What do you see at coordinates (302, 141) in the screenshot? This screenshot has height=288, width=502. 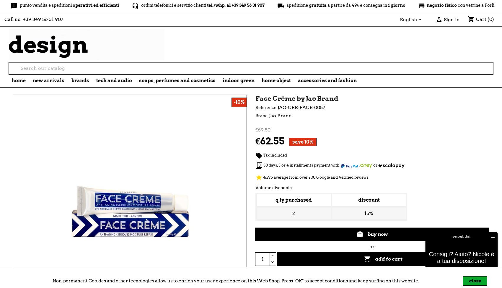 I see `'Save 10%'` at bounding box center [302, 141].